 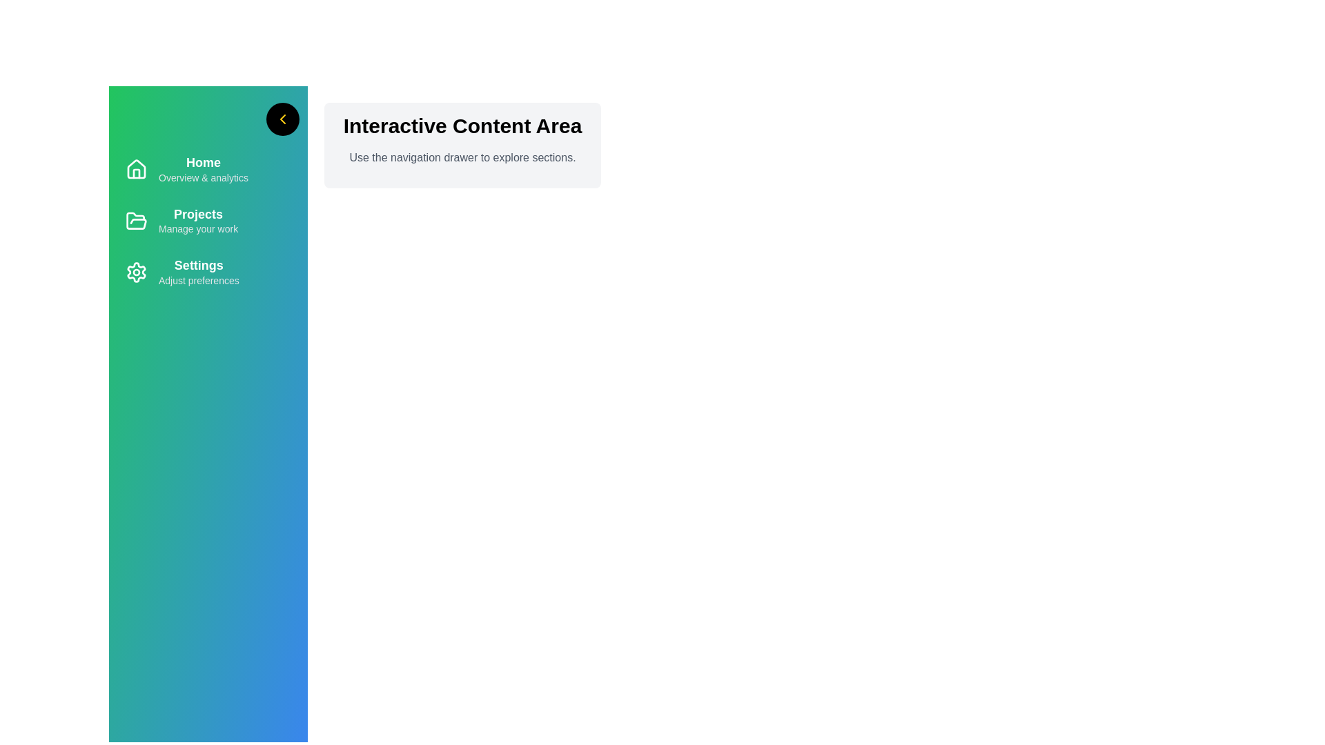 What do you see at coordinates (208, 272) in the screenshot?
I see `the menu item labeled Settings in the navigation drawer` at bounding box center [208, 272].